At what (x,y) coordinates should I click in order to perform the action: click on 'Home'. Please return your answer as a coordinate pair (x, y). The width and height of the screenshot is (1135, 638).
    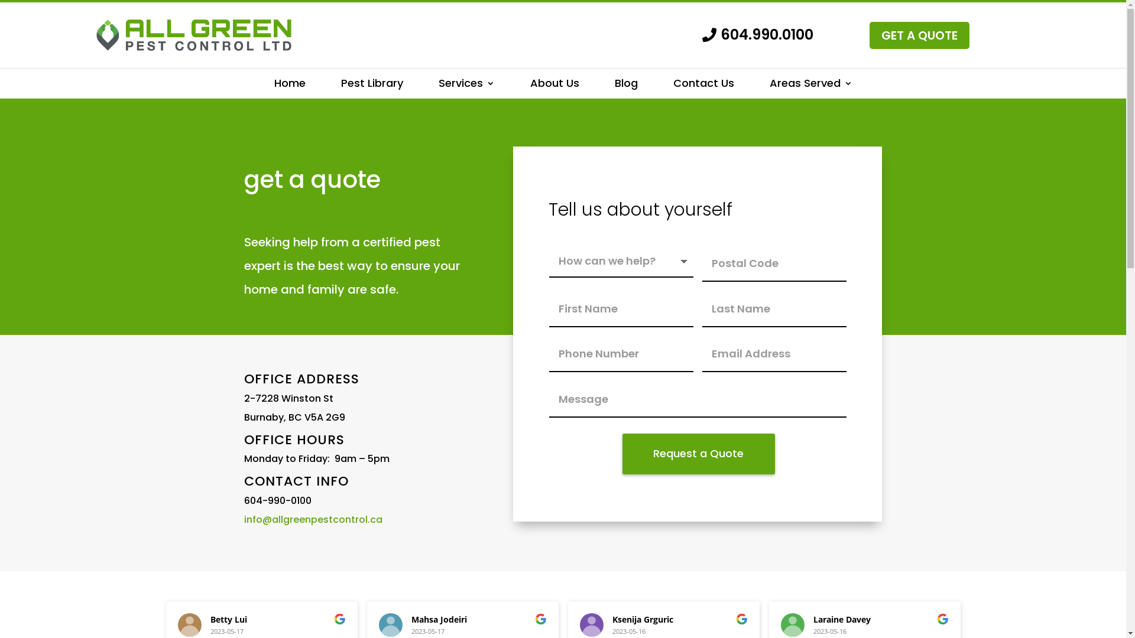
    Looking at the image, I should click on (290, 85).